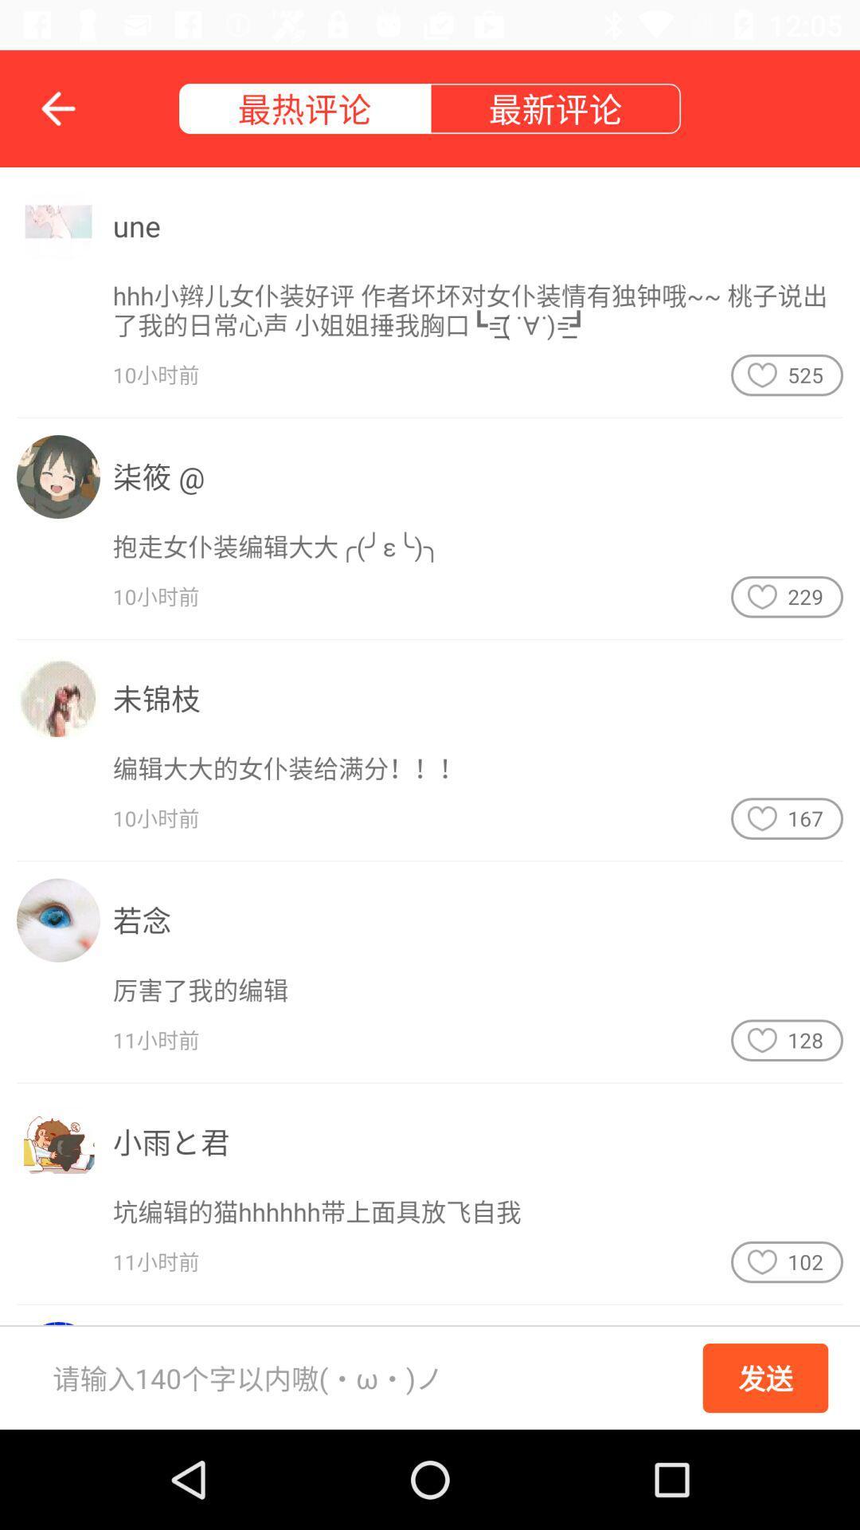  I want to click on the arrow_backward icon, so click(57, 108).